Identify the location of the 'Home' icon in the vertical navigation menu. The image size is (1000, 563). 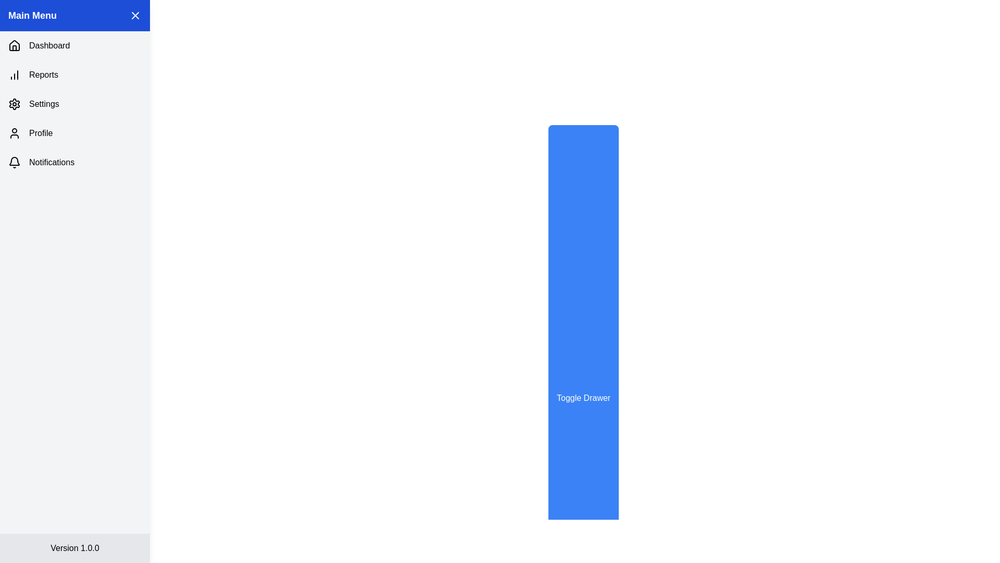
(15, 45).